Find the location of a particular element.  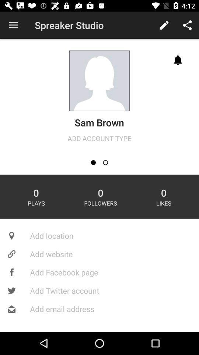

the image above sam brown is located at coordinates (99, 81).